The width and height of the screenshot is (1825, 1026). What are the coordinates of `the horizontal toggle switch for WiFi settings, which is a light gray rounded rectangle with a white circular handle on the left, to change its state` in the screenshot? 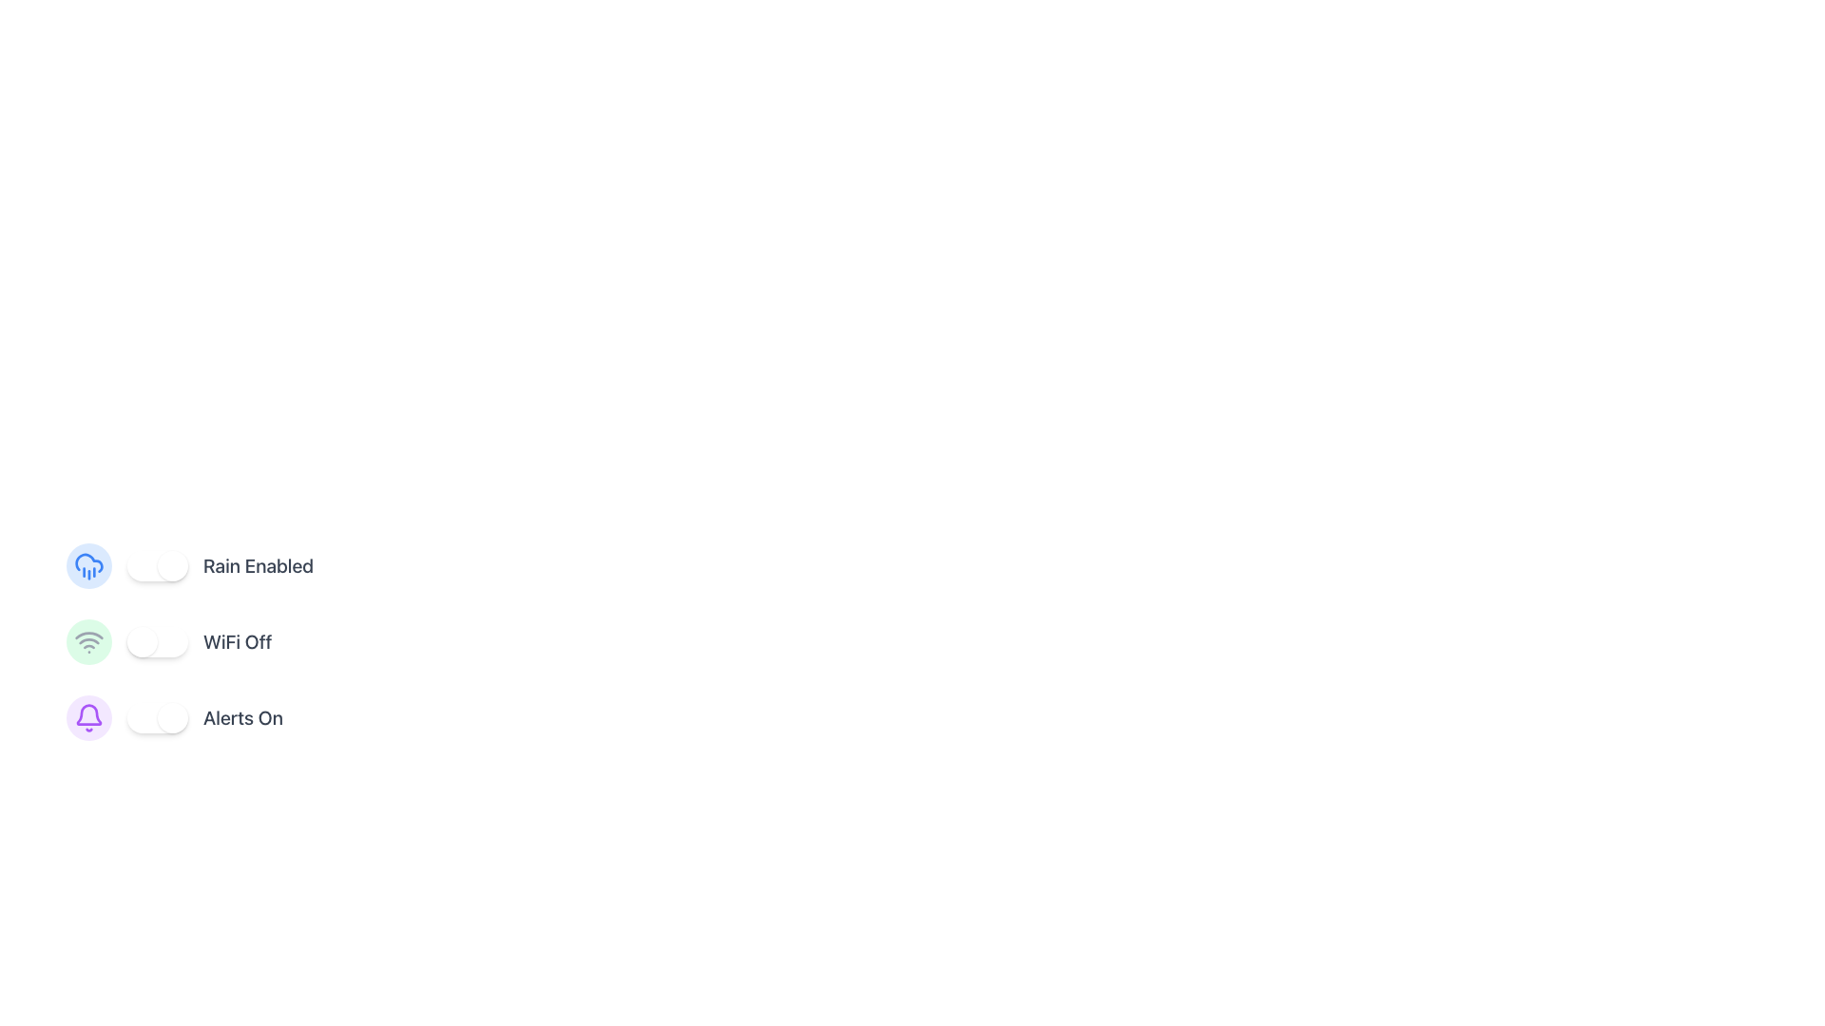 It's located at (158, 641).